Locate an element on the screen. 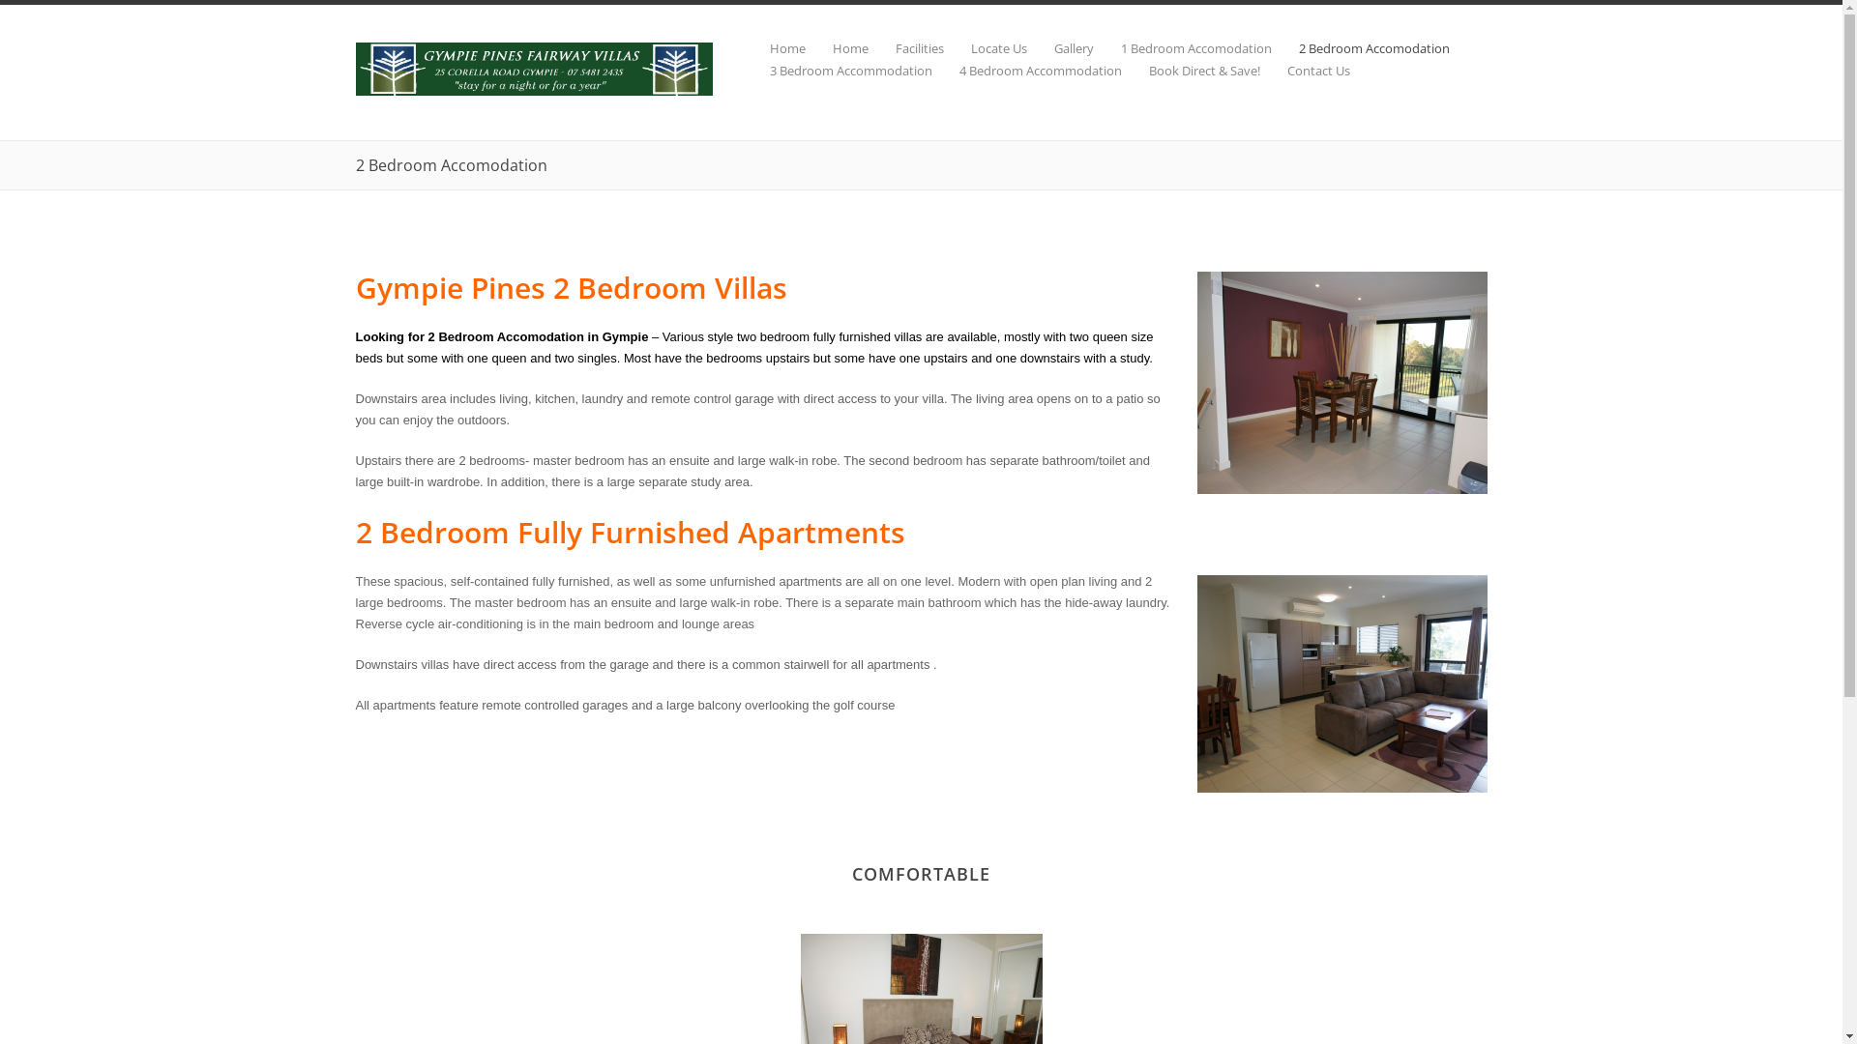  'Locate Us' is located at coordinates (943, 47).